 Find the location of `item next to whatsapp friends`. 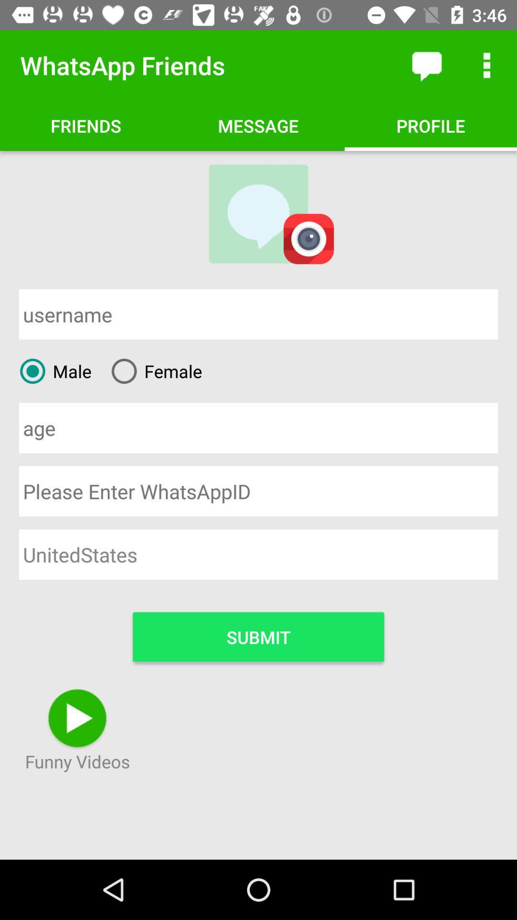

item next to whatsapp friends is located at coordinates (426, 65).